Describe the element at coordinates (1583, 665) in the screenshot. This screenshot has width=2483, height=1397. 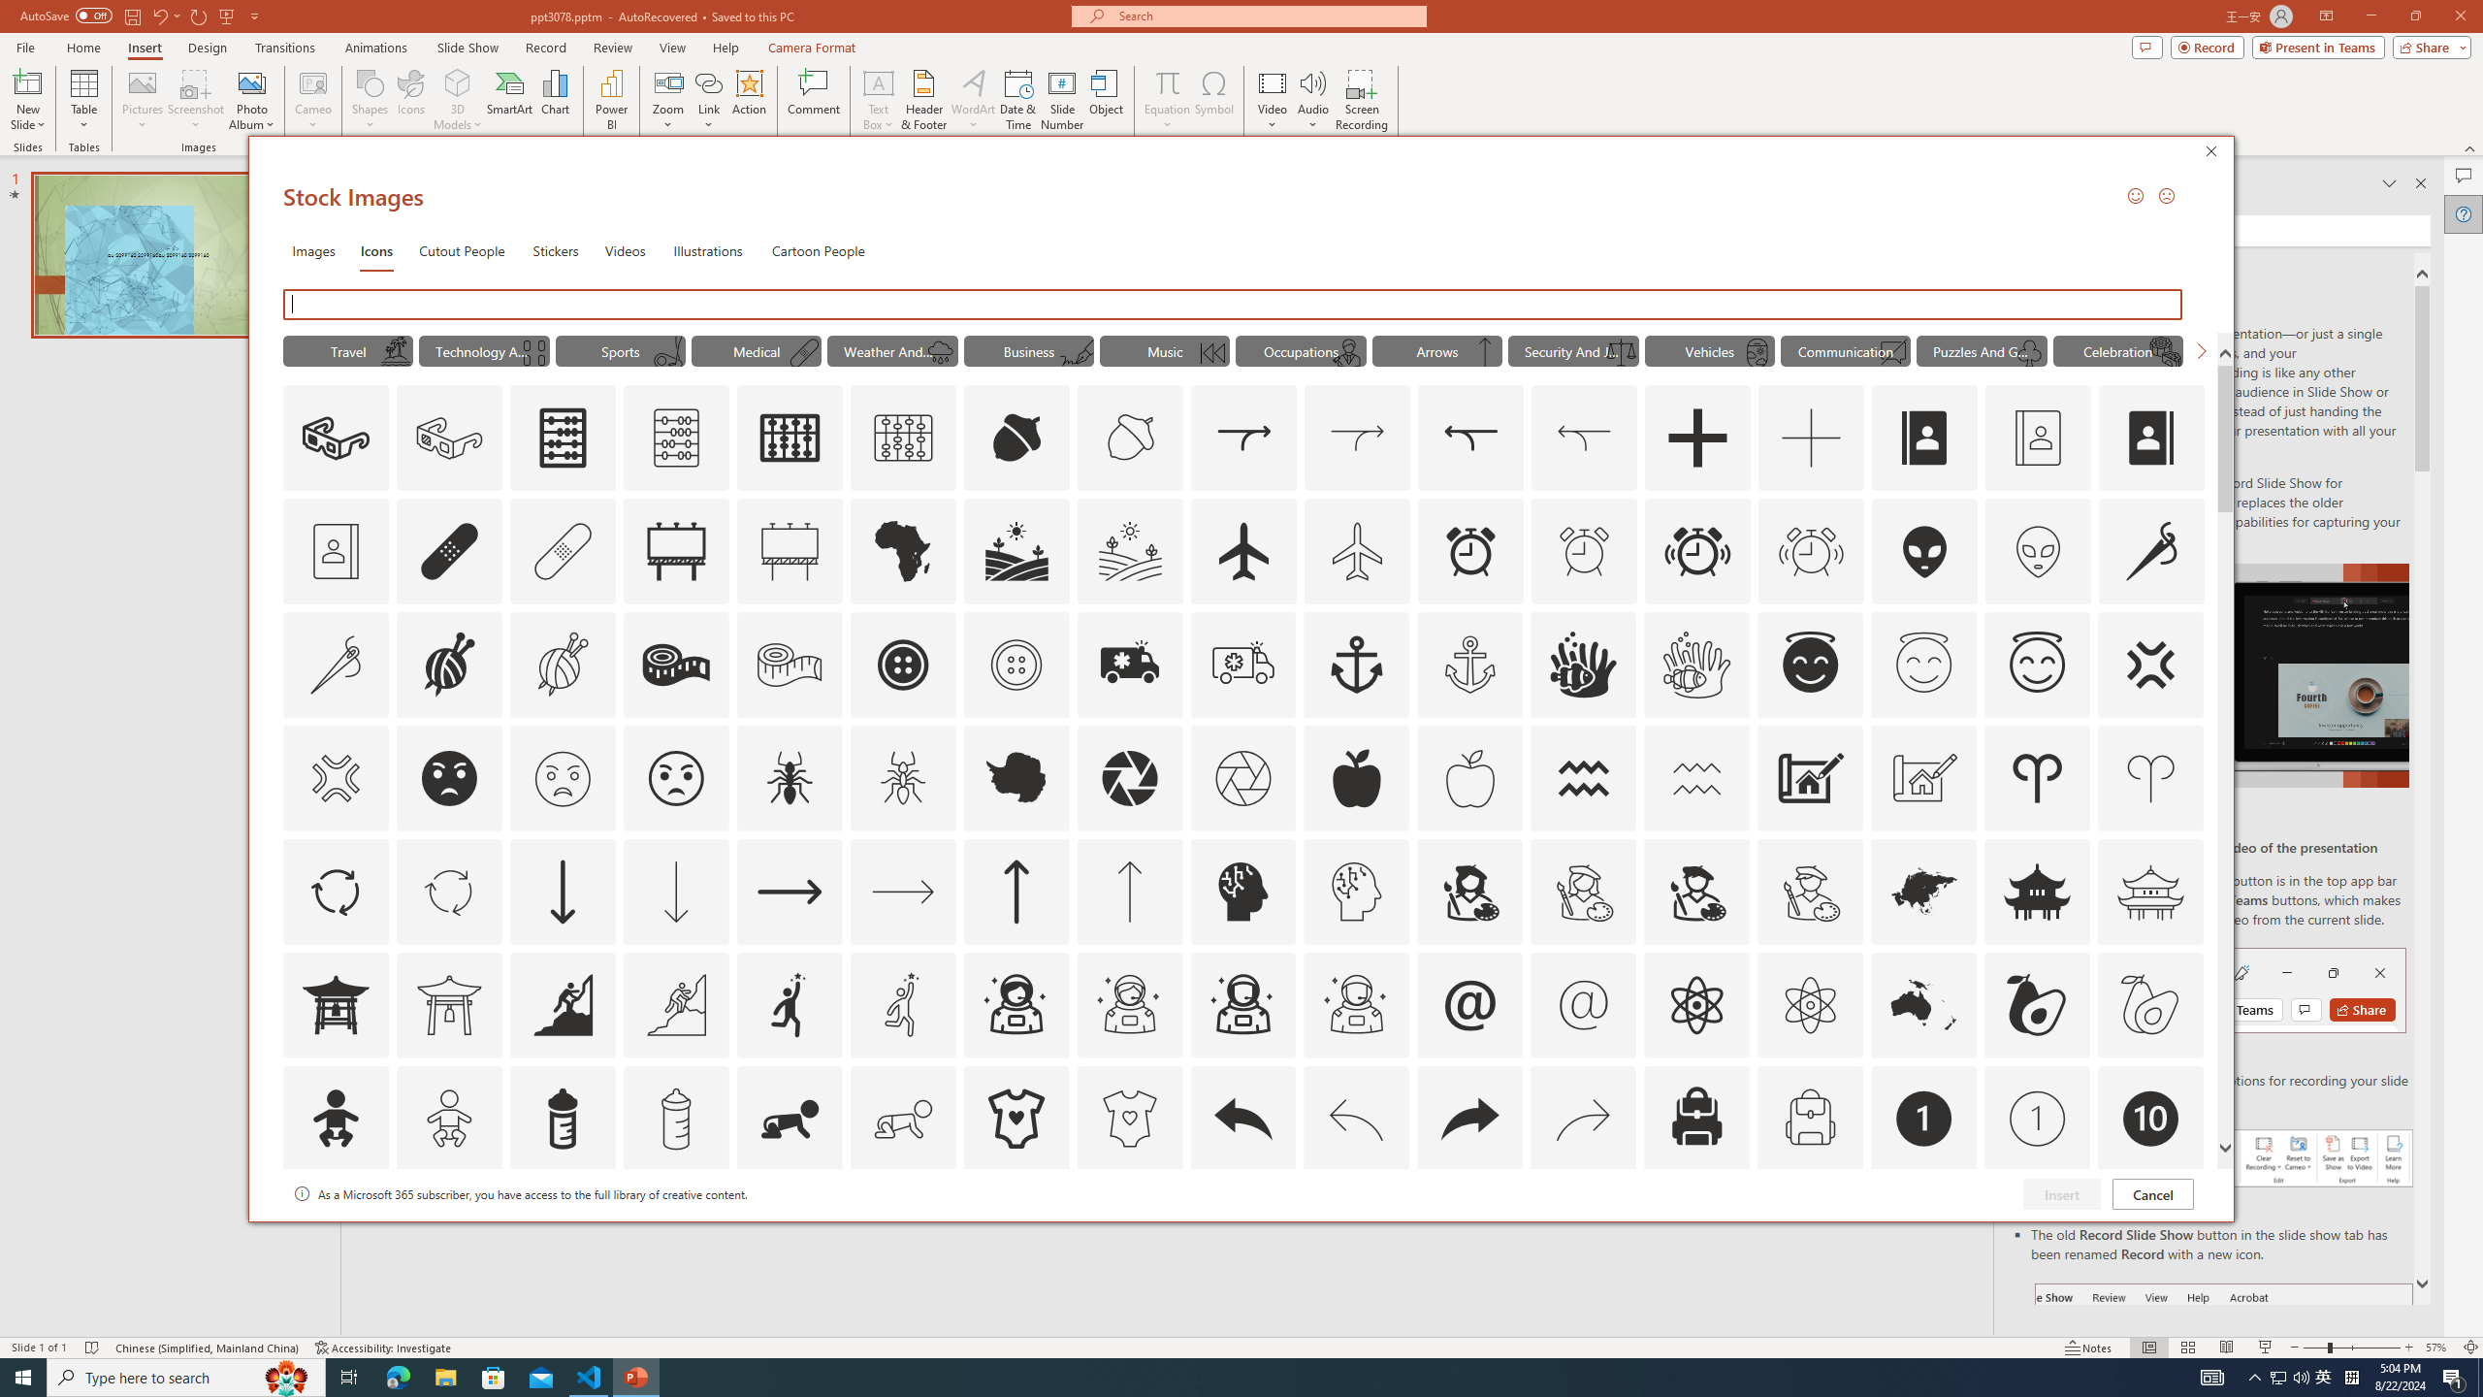
I see `'AutomationID: Icons_AnemoneAndClownfish'` at that location.